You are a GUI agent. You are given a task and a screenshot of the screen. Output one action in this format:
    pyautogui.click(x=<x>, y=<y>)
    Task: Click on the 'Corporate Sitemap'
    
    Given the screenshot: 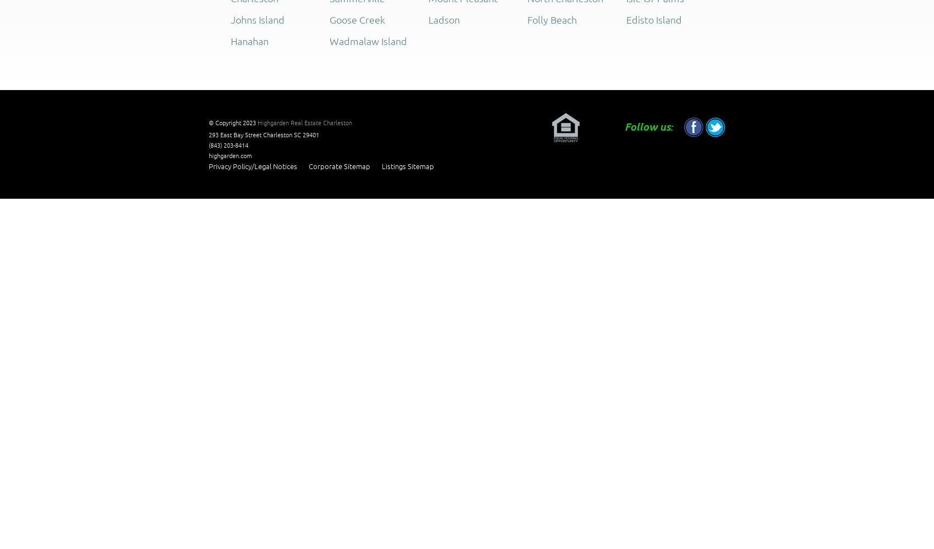 What is the action you would take?
    pyautogui.click(x=338, y=166)
    